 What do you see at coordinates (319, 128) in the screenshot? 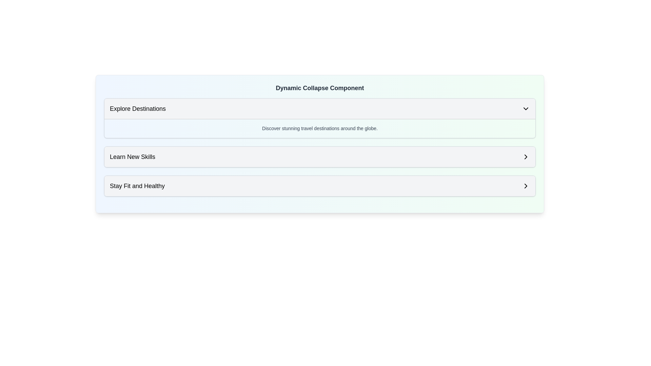
I see `text from the informational description block located below the 'Explore Destinations' header in the collapsible panel` at bounding box center [319, 128].